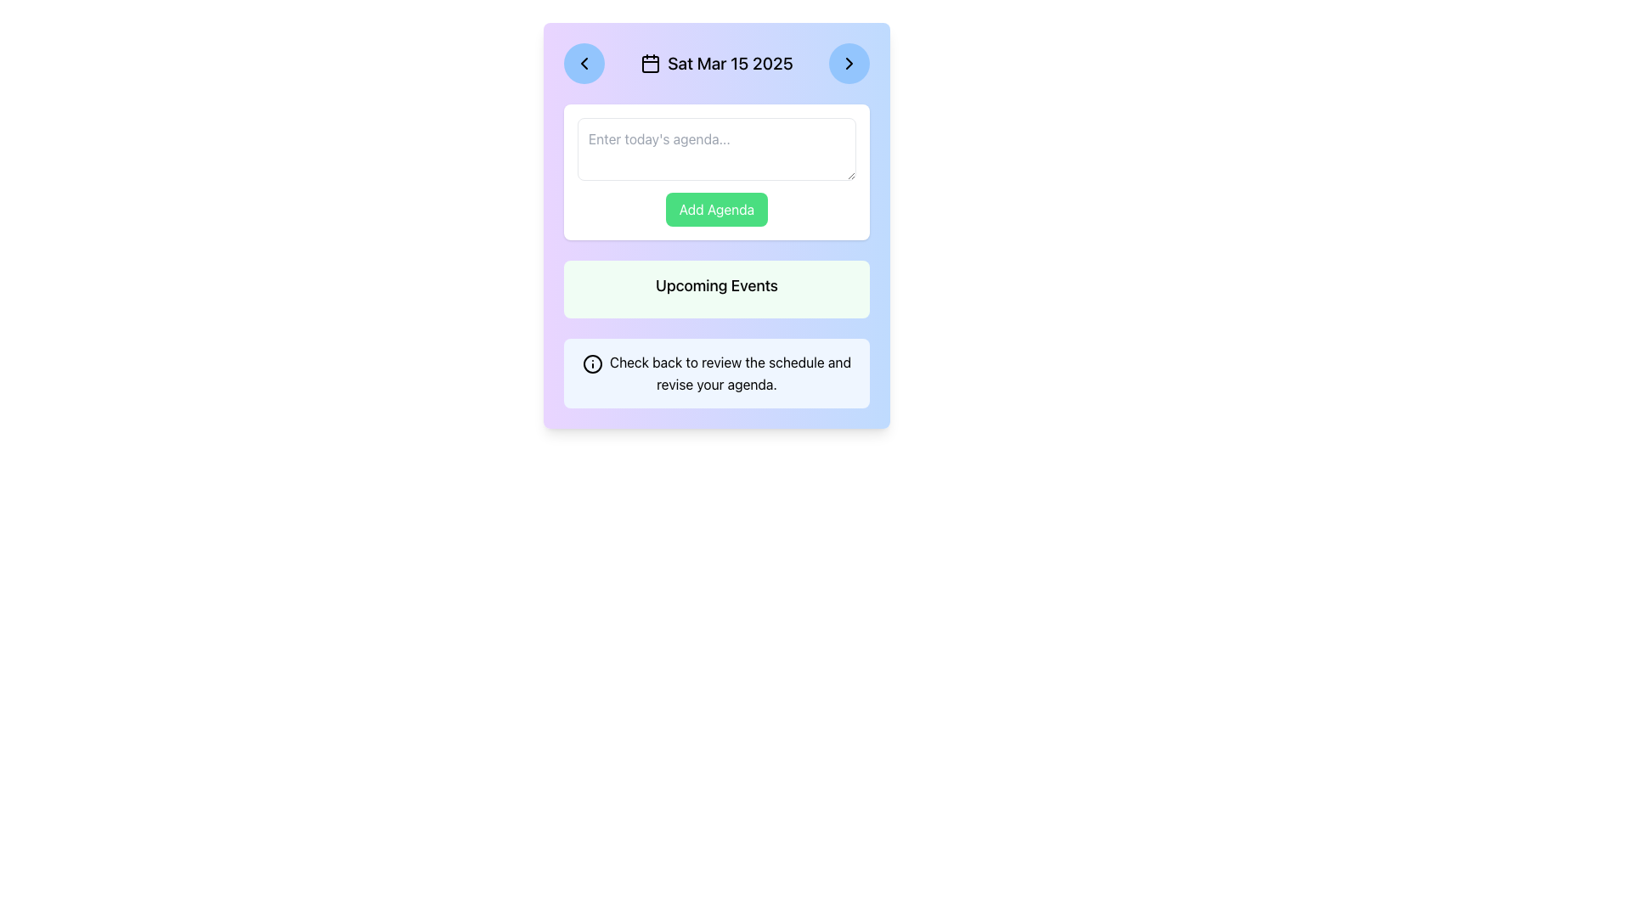 Image resolution: width=1631 pixels, height=917 pixels. Describe the element at coordinates (717, 288) in the screenshot. I see `the light green rectangular Static Label/Informational Block containing the text 'Upcoming Events'` at that location.